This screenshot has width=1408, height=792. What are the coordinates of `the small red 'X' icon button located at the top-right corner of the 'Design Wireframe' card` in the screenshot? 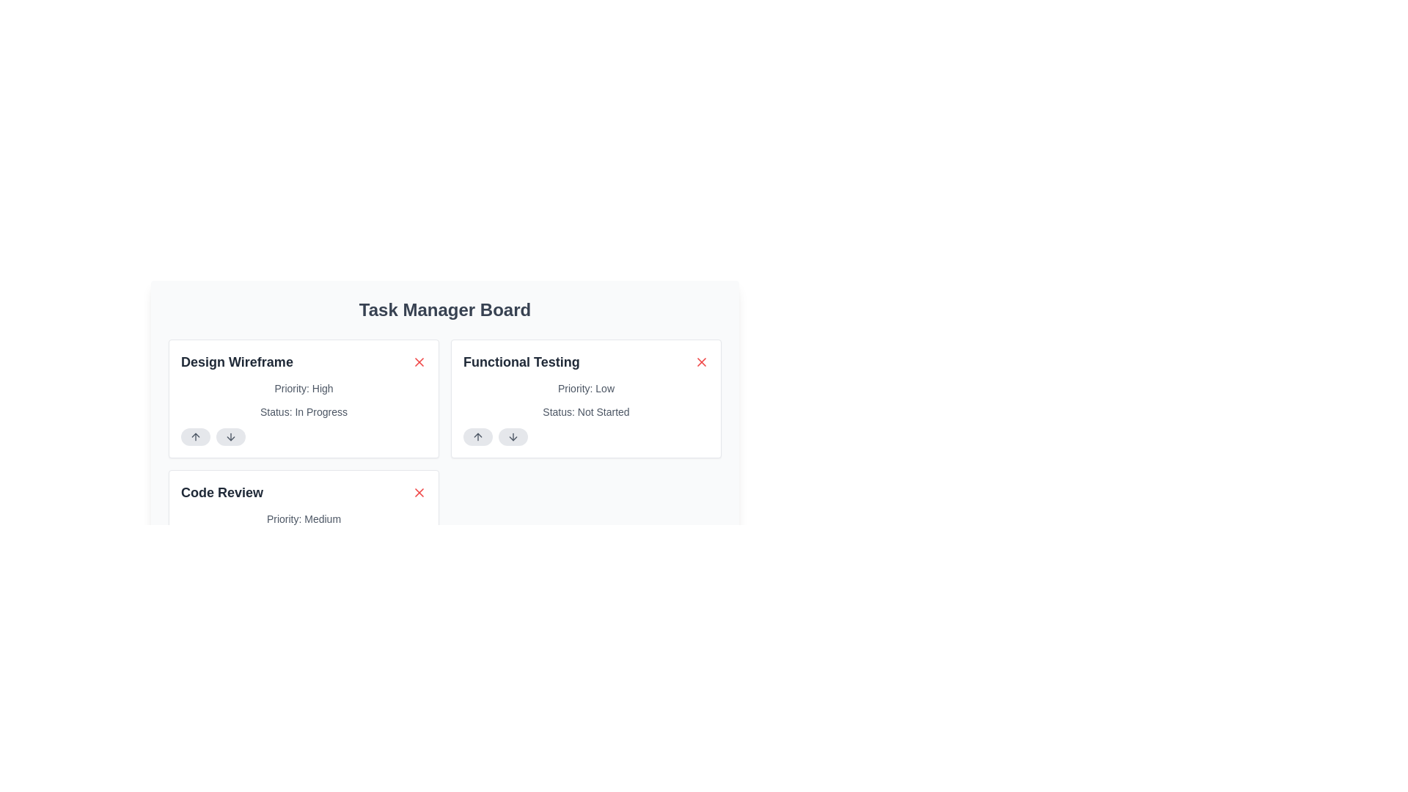 It's located at (418, 362).